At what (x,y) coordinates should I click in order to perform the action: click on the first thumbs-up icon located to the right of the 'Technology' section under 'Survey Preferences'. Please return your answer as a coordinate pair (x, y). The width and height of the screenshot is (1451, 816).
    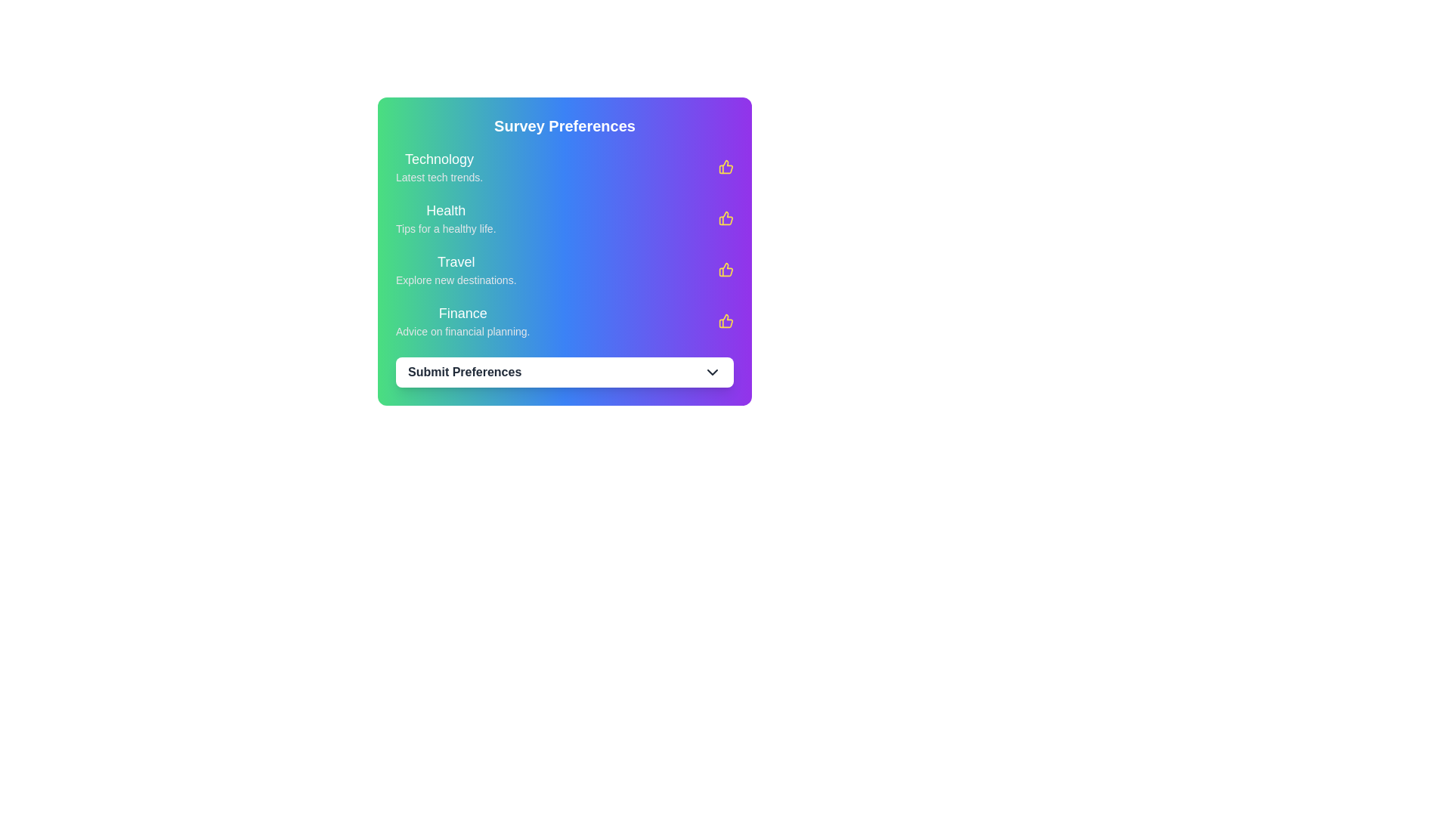
    Looking at the image, I should click on (725, 166).